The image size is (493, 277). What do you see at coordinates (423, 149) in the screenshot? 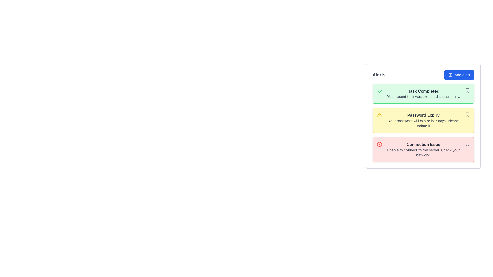
I see `alert message displayed in the Text Block titled 'Connection Issue' which indicates a network connectivity problem with a description stating 'Unable to connect to the server. Check your network.'` at bounding box center [423, 149].